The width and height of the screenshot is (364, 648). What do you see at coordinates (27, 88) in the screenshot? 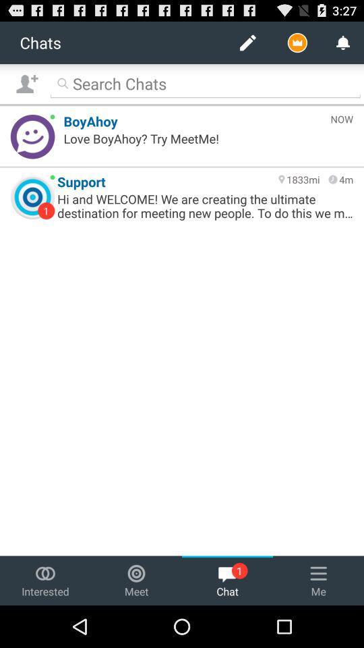
I see `the follow icon` at bounding box center [27, 88].